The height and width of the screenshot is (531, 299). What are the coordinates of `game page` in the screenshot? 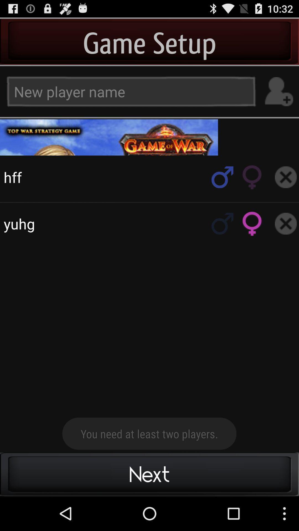 It's located at (149, 137).